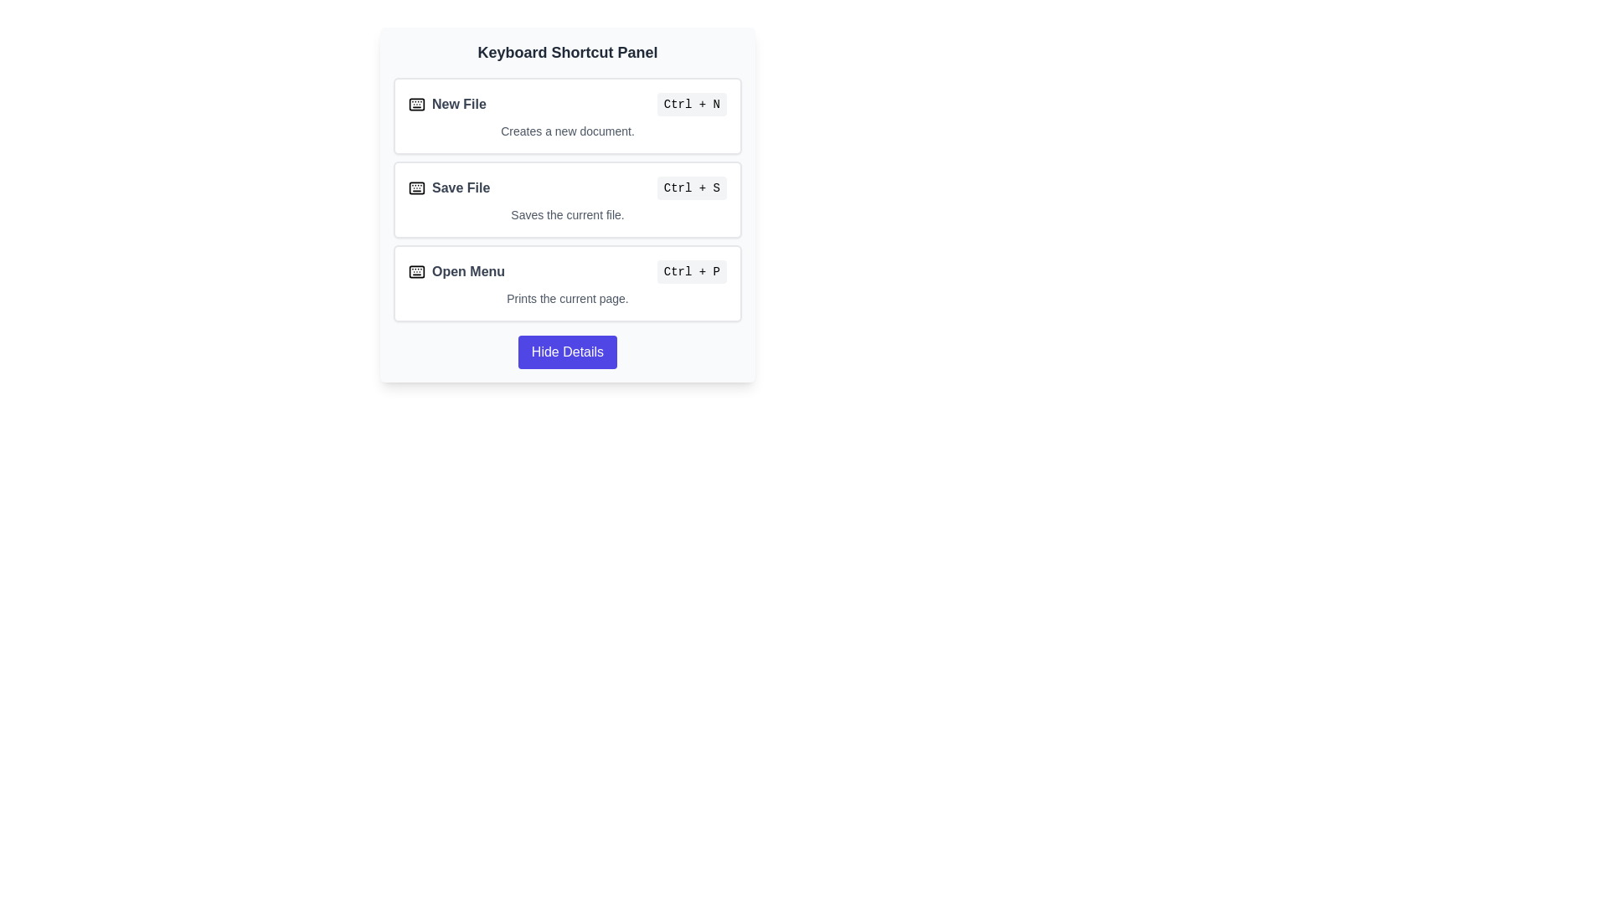 The image size is (1608, 904). I want to click on the Label with Icon that indicates the action of creating a new file, located at the top of the 'Keyboard Shortcut Panel' to the left of 'Ctrl + N', so click(447, 104).